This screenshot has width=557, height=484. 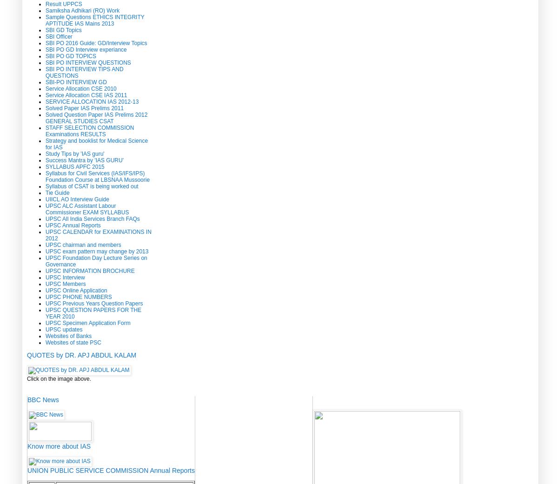 I want to click on 'STAFF SELECTION COMMISSION Examinations RESULTS', so click(x=89, y=130).